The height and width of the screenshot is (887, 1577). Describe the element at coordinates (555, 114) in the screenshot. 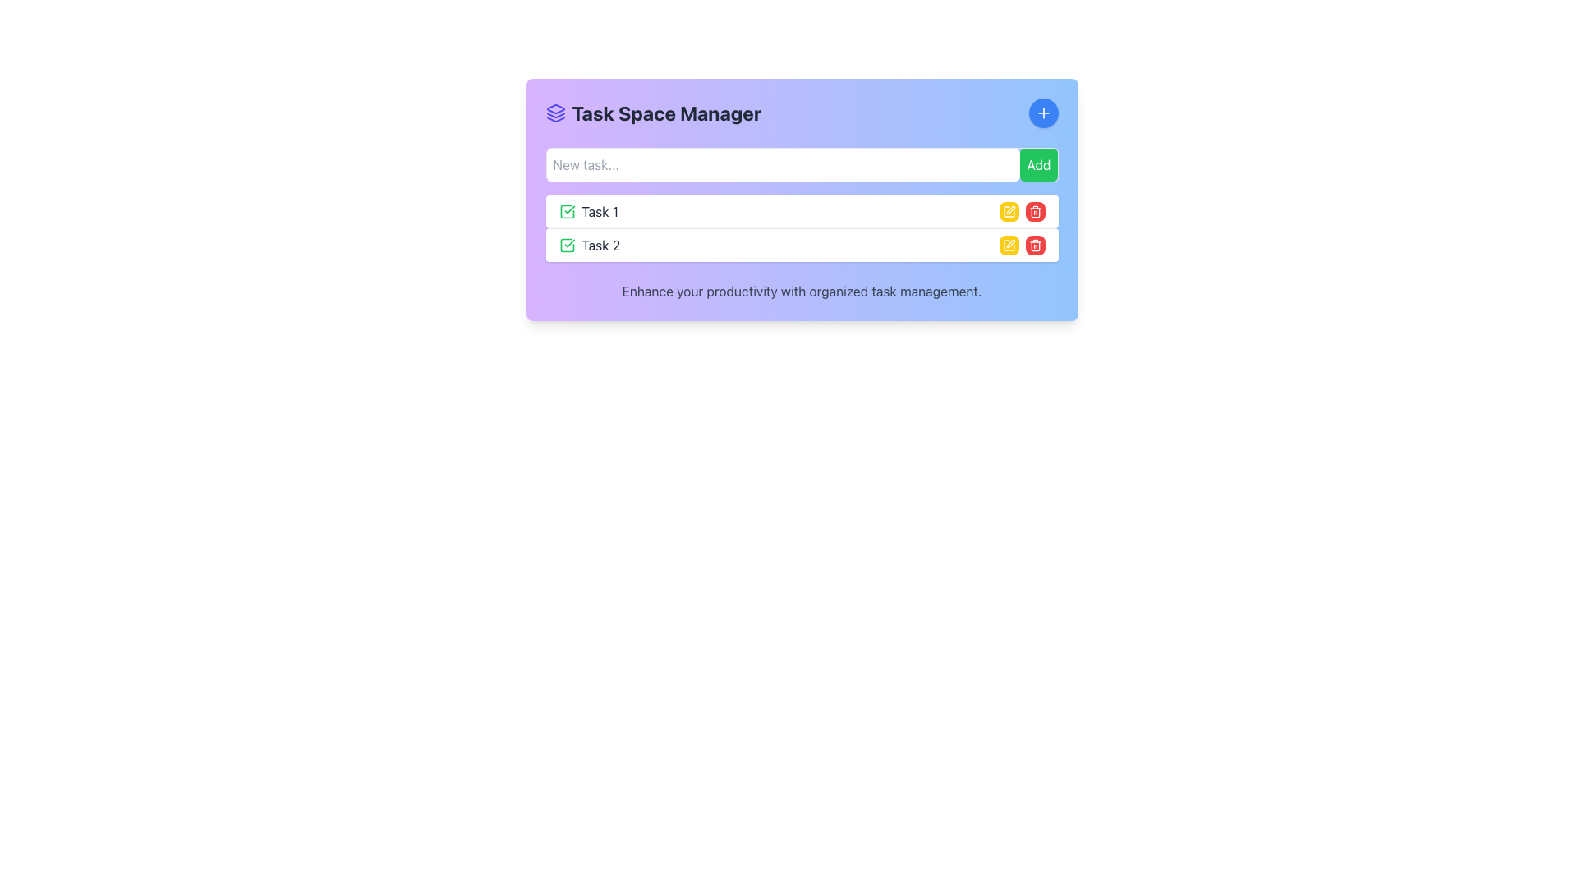

I see `the middle layer of the triangular icon next to the title 'Task Space Manager', which is distinguishable by its slight shading` at that location.